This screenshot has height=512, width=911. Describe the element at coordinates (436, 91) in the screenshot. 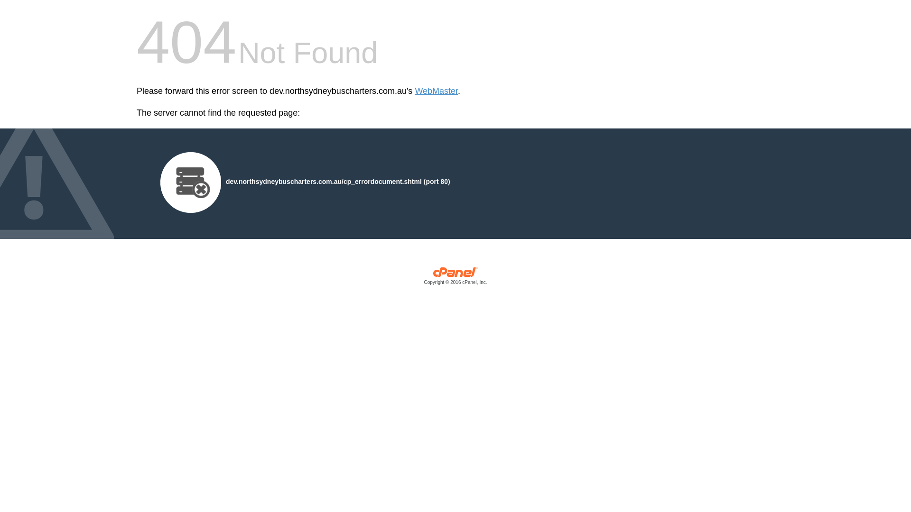

I see `'WebMaster'` at that location.